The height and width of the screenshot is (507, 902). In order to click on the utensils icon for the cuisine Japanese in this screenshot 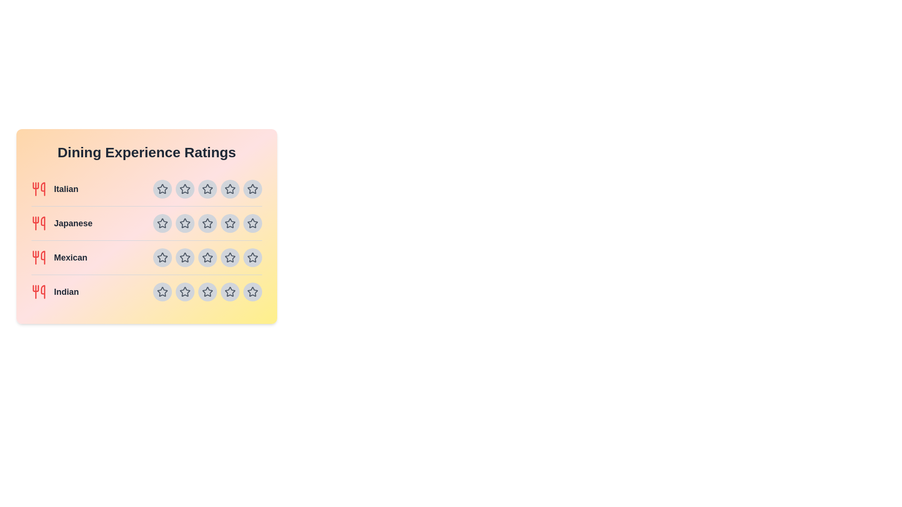, I will do `click(38, 223)`.